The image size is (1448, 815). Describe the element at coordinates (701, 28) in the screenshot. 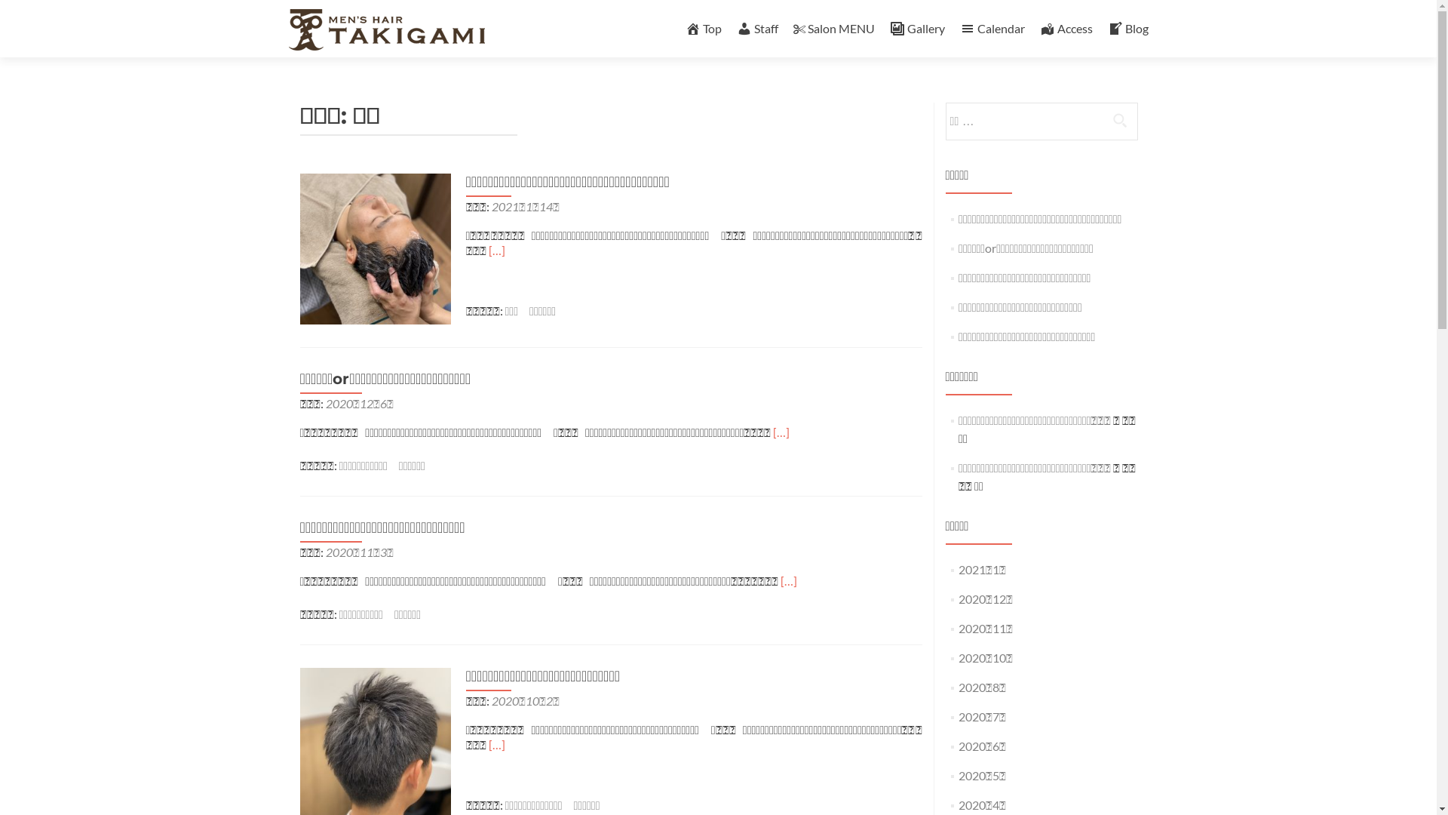

I see `'Top'` at that location.